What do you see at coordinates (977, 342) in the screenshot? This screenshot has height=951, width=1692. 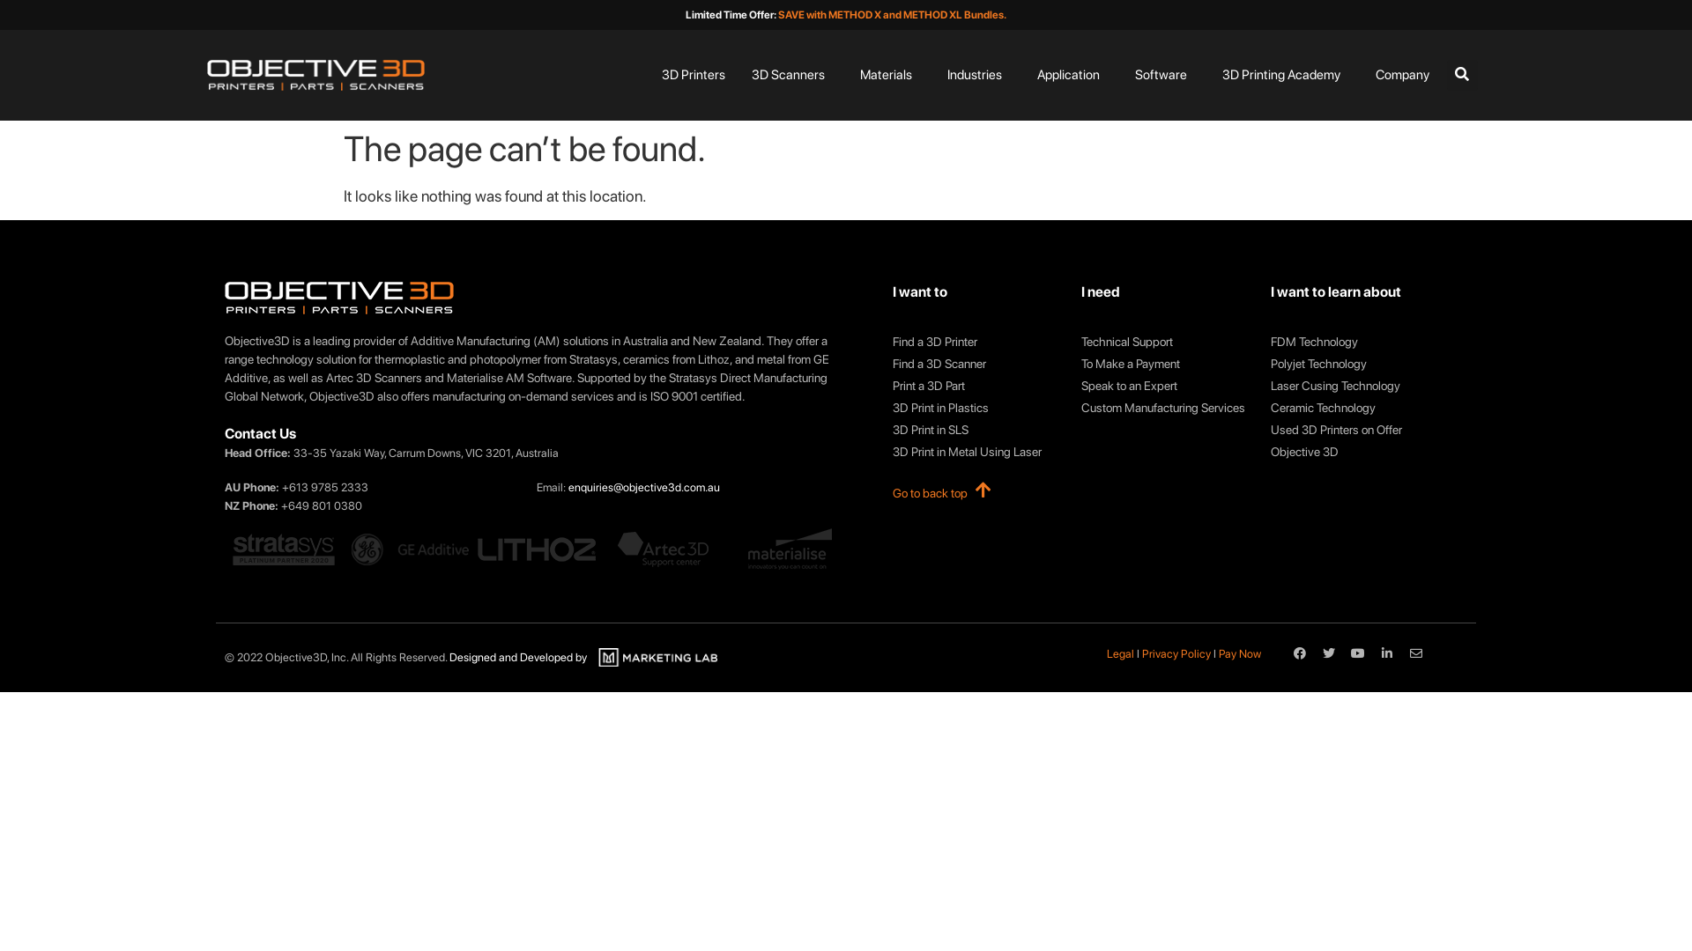 I see `'Find a 3D Printer'` at bounding box center [977, 342].